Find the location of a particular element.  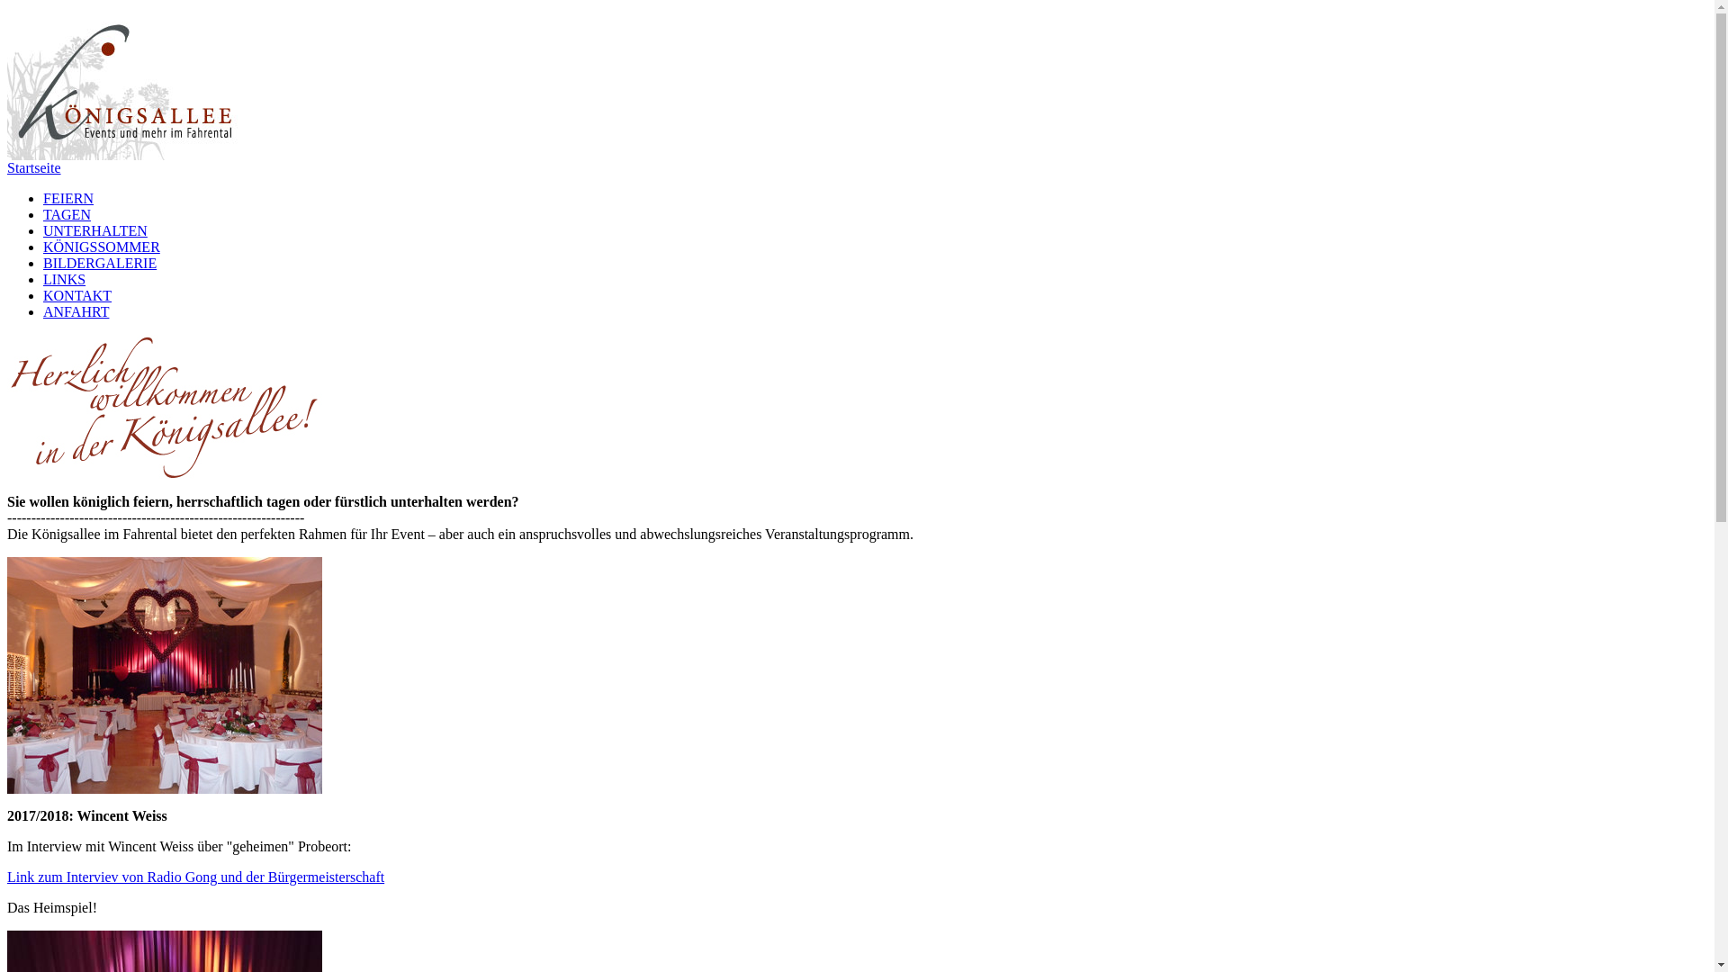

'UNTERHALTEN' is located at coordinates (43, 229).